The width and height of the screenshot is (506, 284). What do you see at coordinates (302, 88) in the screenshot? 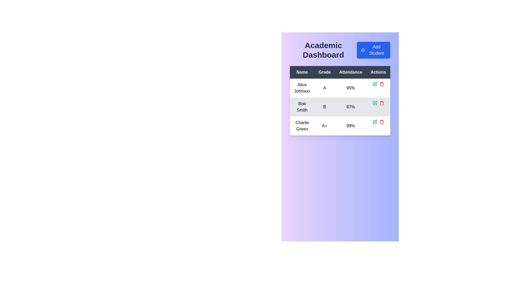
I see `the text label displaying 'Alice Johnson', which is located in the first row under the 'Name' column of the table-like structure` at bounding box center [302, 88].